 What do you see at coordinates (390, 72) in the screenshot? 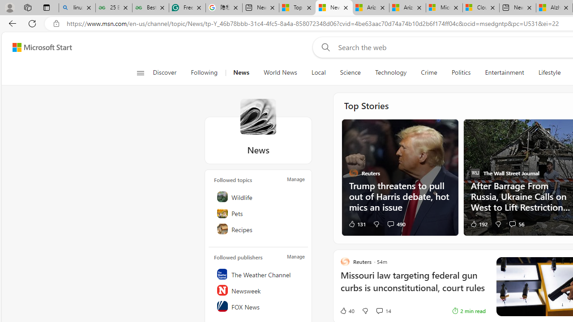
I see `'Technology'` at bounding box center [390, 72].